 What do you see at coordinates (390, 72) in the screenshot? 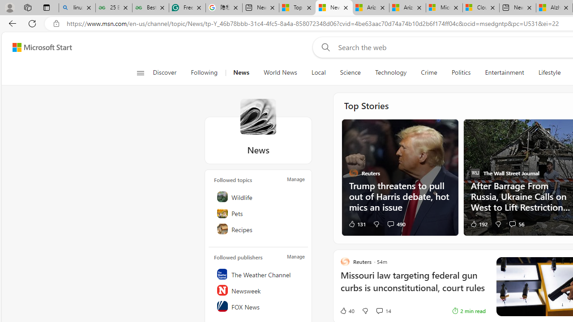
I see `'Technology'` at bounding box center [390, 72].